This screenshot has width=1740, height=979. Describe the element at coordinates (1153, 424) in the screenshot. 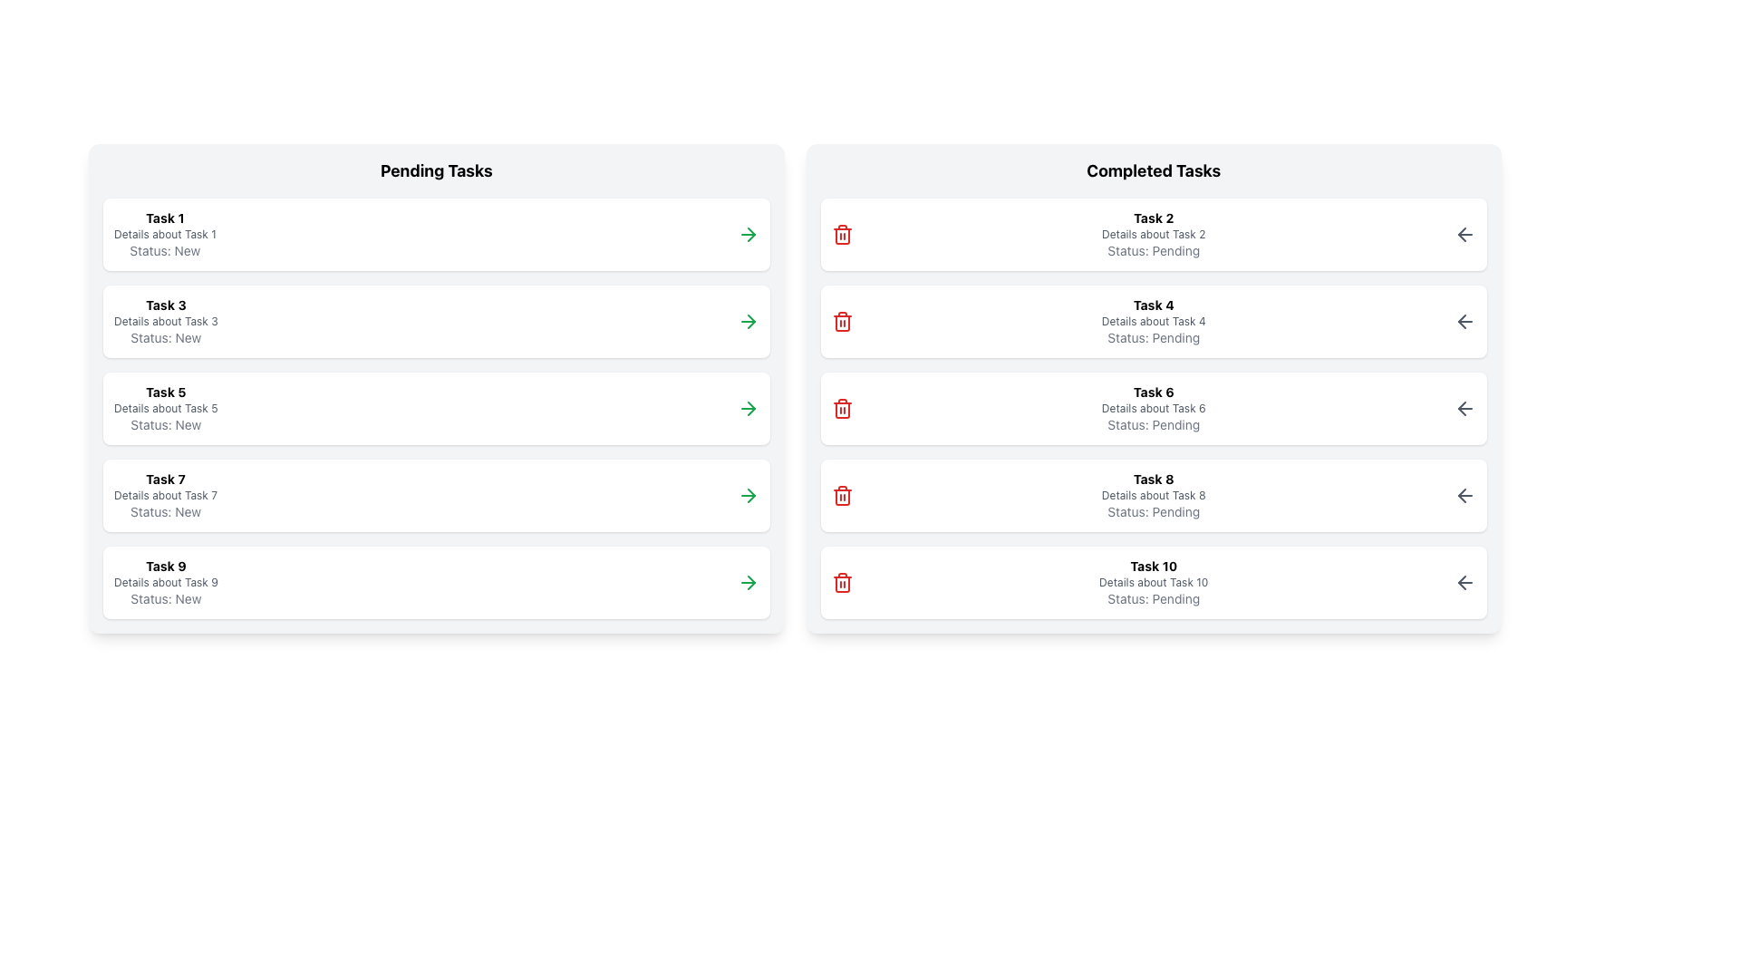

I see `text displayed in the Text Label located under 'Task 6' in the 'Completed Tasks' column` at that location.